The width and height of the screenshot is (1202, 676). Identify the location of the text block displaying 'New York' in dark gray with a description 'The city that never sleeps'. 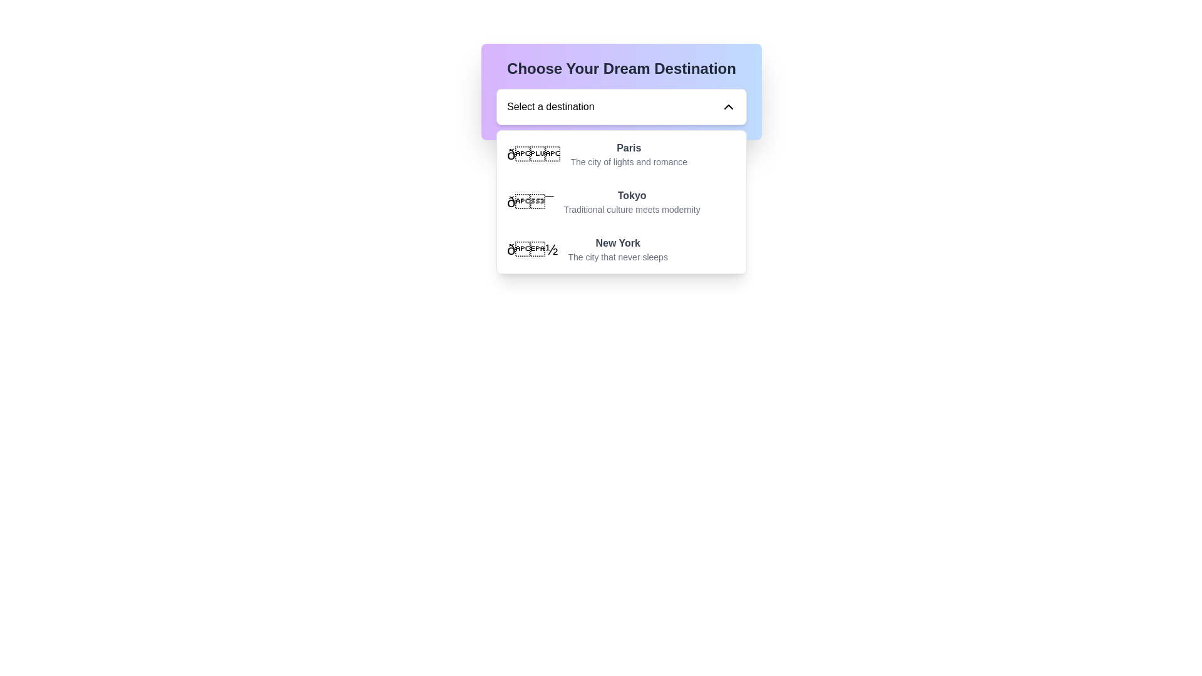
(618, 249).